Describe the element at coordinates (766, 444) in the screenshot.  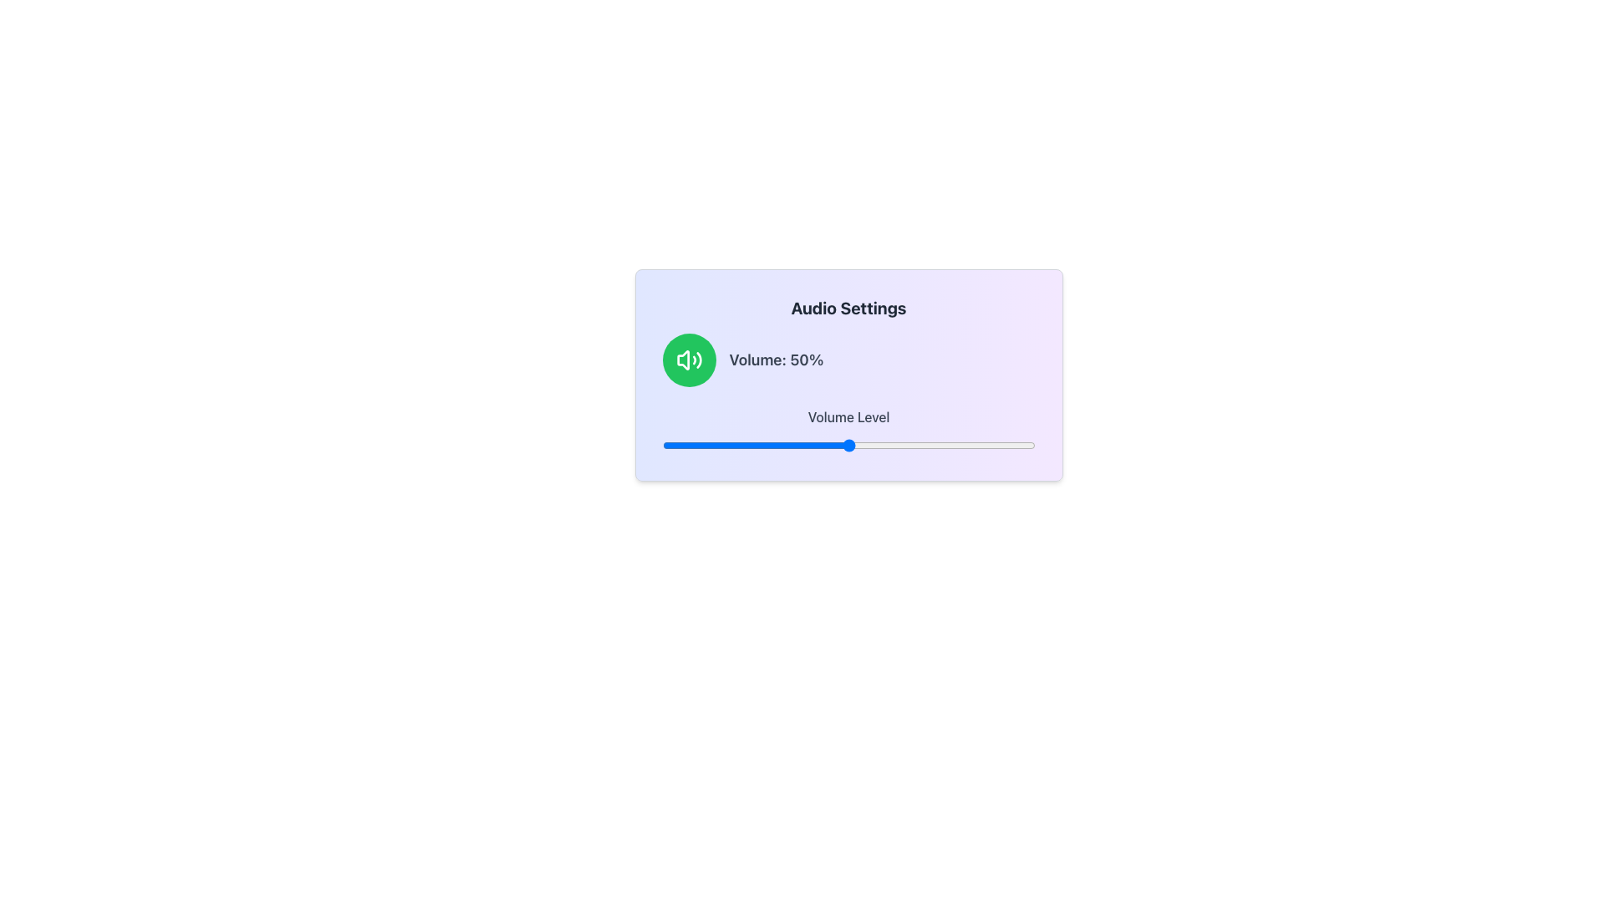
I see `volume level` at that location.